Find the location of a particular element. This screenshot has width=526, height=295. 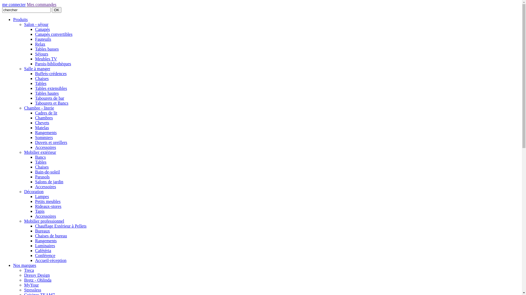

'Dressy Design' is located at coordinates (36, 275).